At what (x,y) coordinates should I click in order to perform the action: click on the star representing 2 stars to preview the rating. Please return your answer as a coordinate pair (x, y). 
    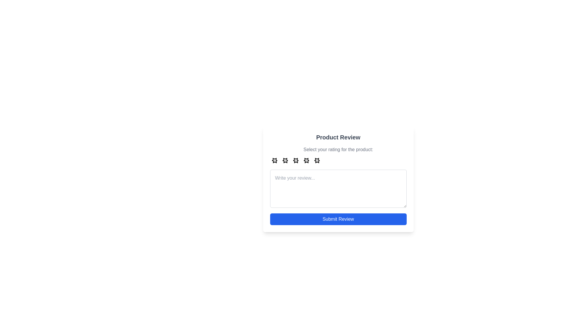
    Looking at the image, I should click on (285, 160).